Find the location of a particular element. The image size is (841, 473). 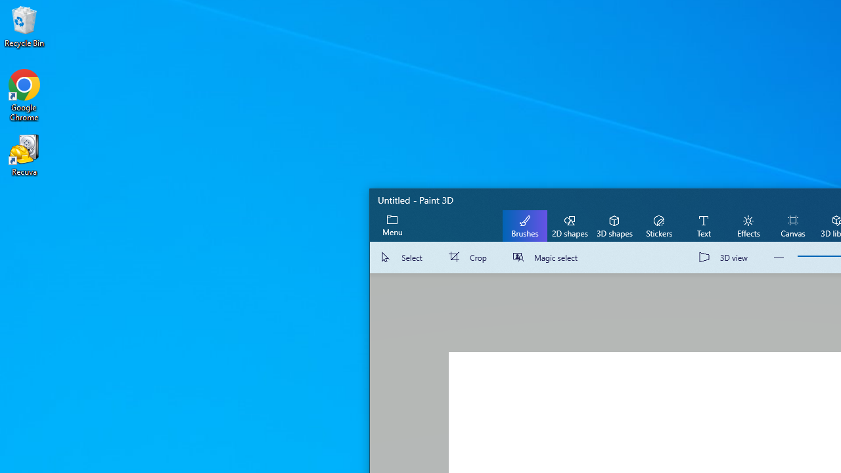

'2D shapes' is located at coordinates (570, 225).